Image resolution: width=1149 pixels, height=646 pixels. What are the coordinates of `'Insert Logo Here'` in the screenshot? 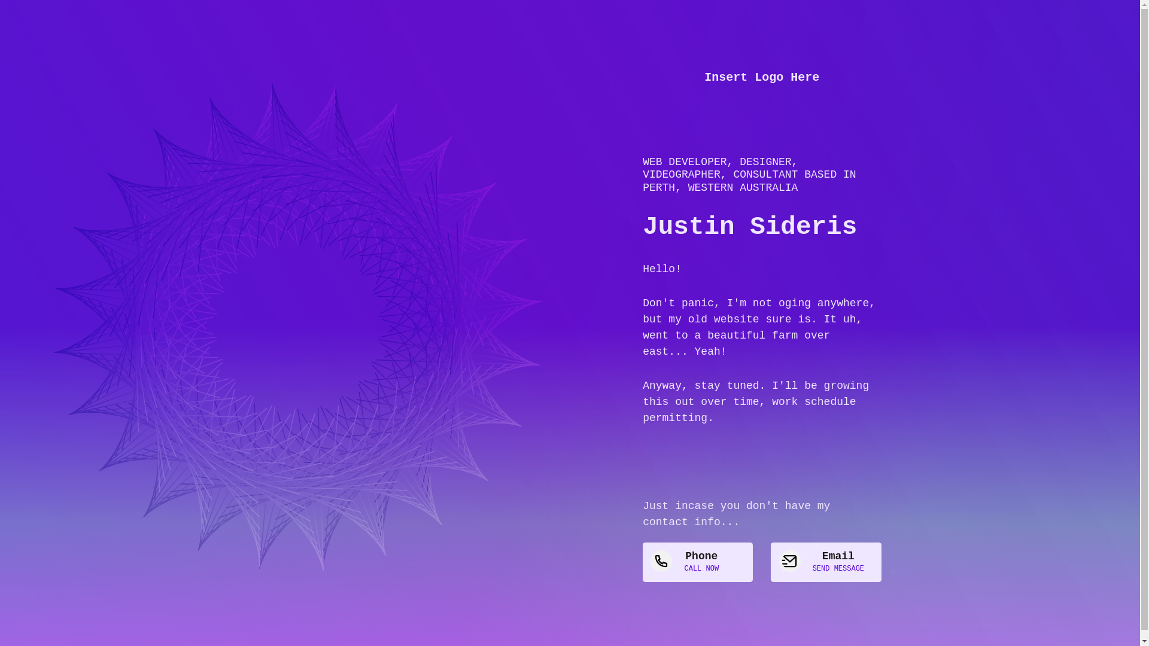 It's located at (761, 78).